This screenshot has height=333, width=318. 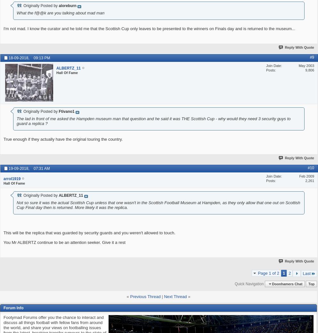 What do you see at coordinates (234, 284) in the screenshot?
I see `'Quick Navigation'` at bounding box center [234, 284].